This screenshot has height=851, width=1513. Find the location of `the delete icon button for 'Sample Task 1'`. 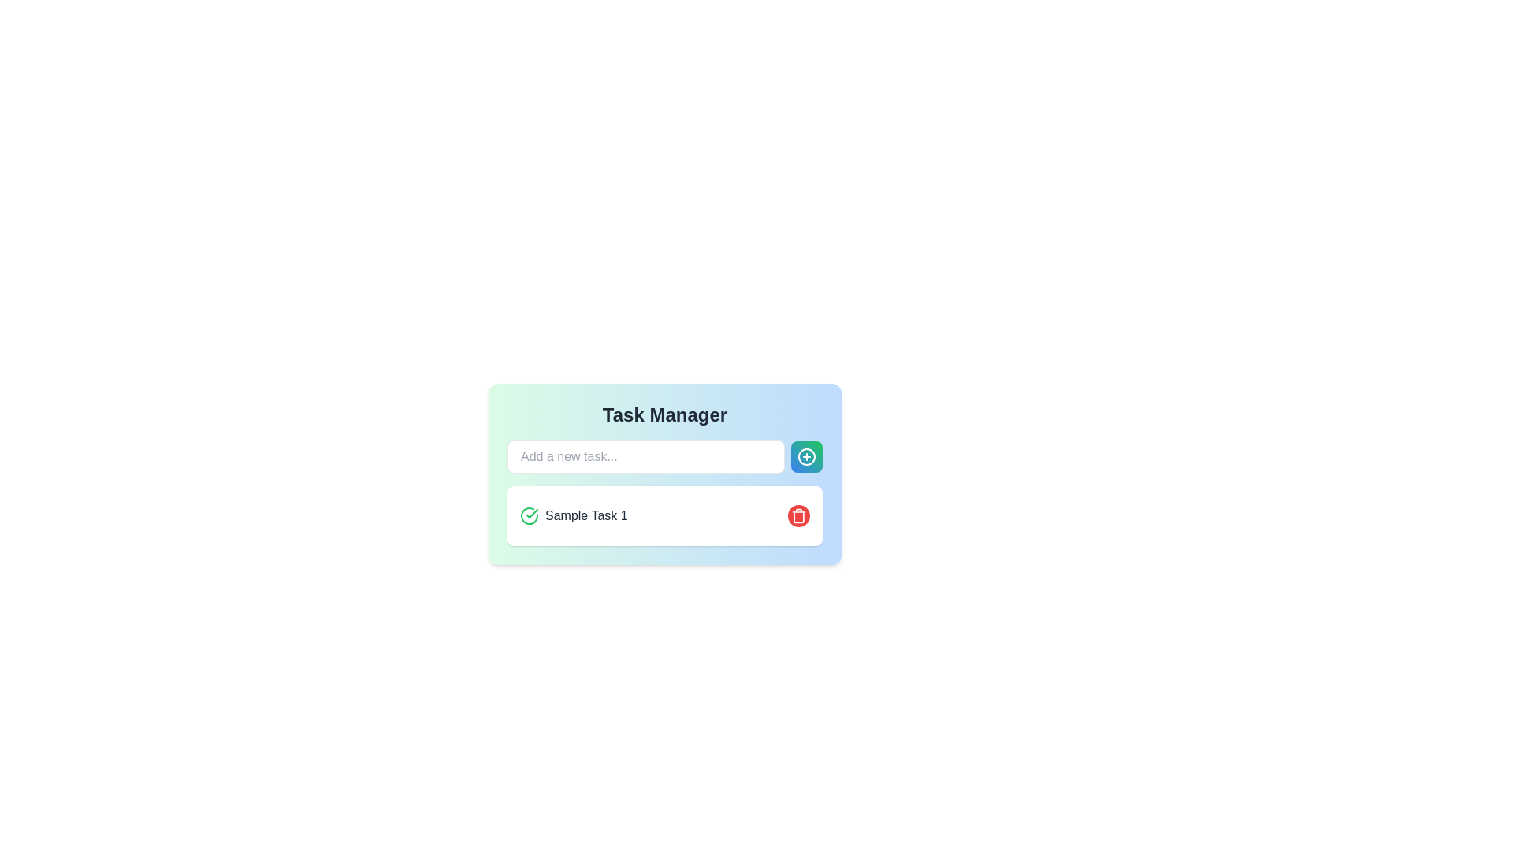

the delete icon button for 'Sample Task 1' is located at coordinates (798, 516).